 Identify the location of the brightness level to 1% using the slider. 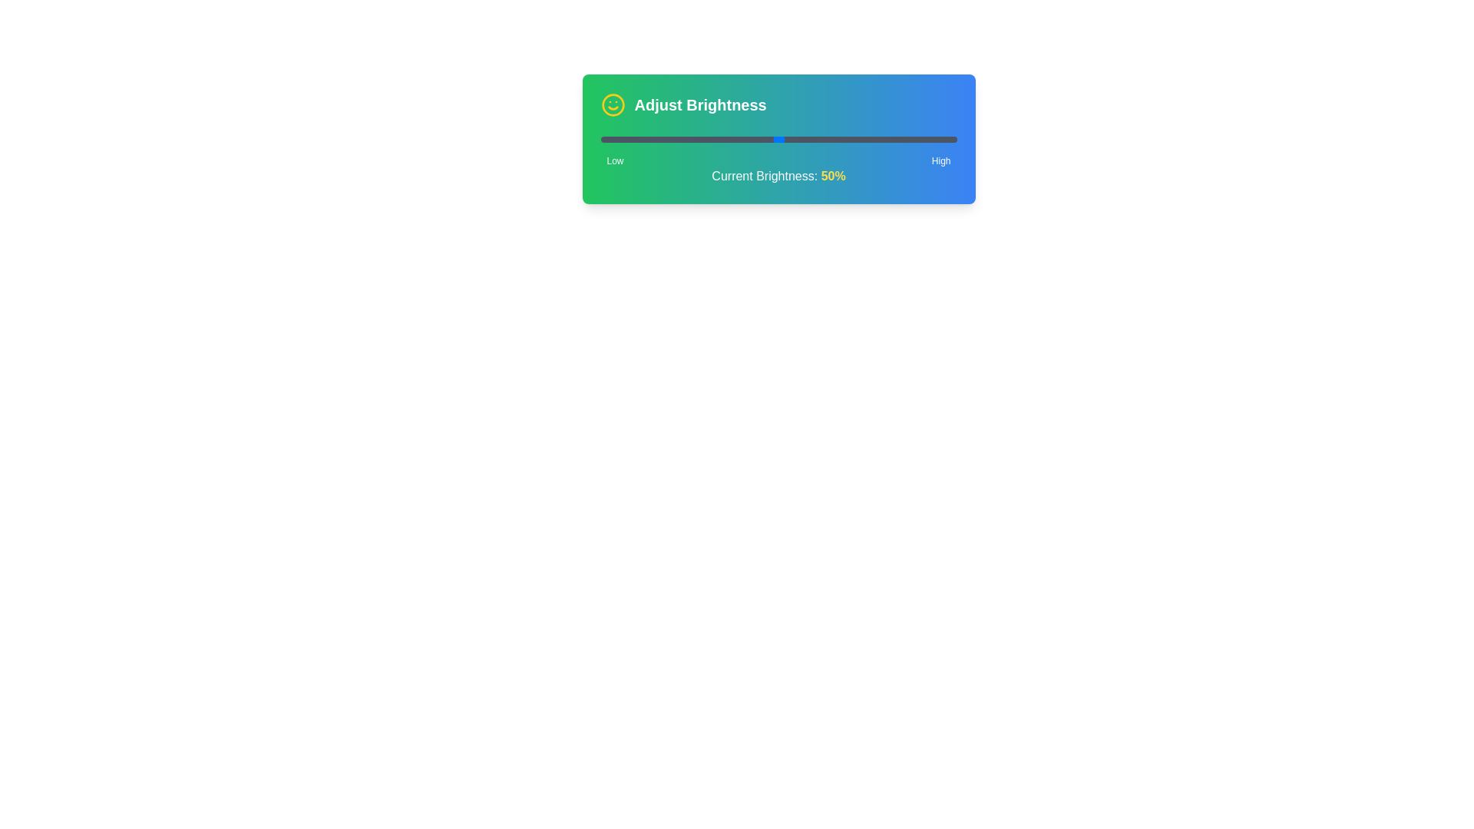
(603, 139).